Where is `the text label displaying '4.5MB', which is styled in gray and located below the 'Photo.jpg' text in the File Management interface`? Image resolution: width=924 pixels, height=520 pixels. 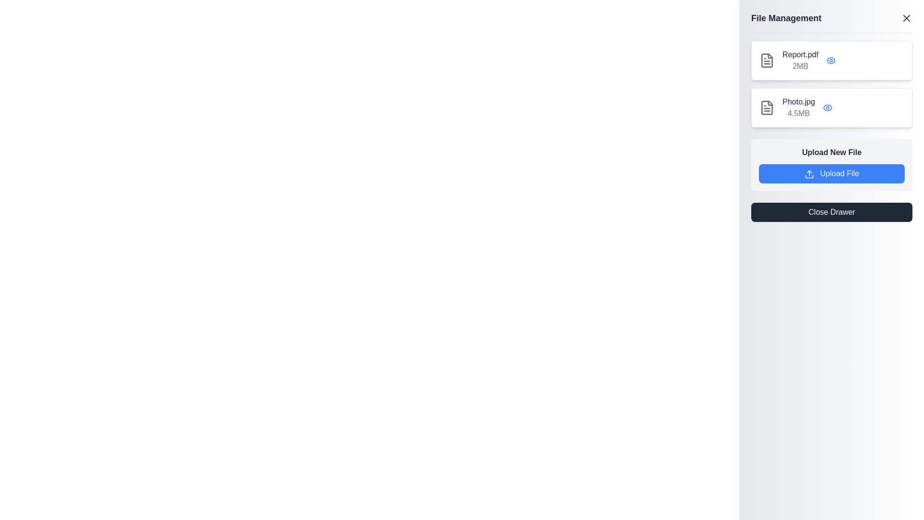
the text label displaying '4.5MB', which is styled in gray and located below the 'Photo.jpg' text in the File Management interface is located at coordinates (798, 113).